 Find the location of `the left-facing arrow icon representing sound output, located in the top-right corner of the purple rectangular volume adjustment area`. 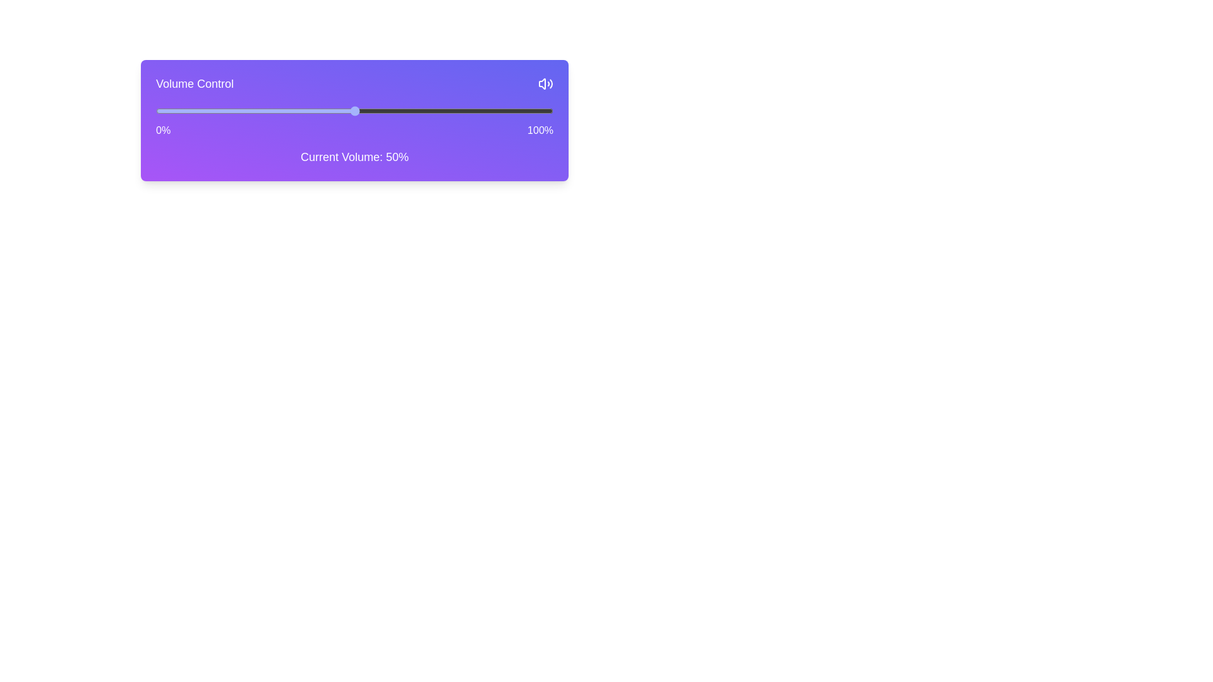

the left-facing arrow icon representing sound output, located in the top-right corner of the purple rectangular volume adjustment area is located at coordinates (542, 83).